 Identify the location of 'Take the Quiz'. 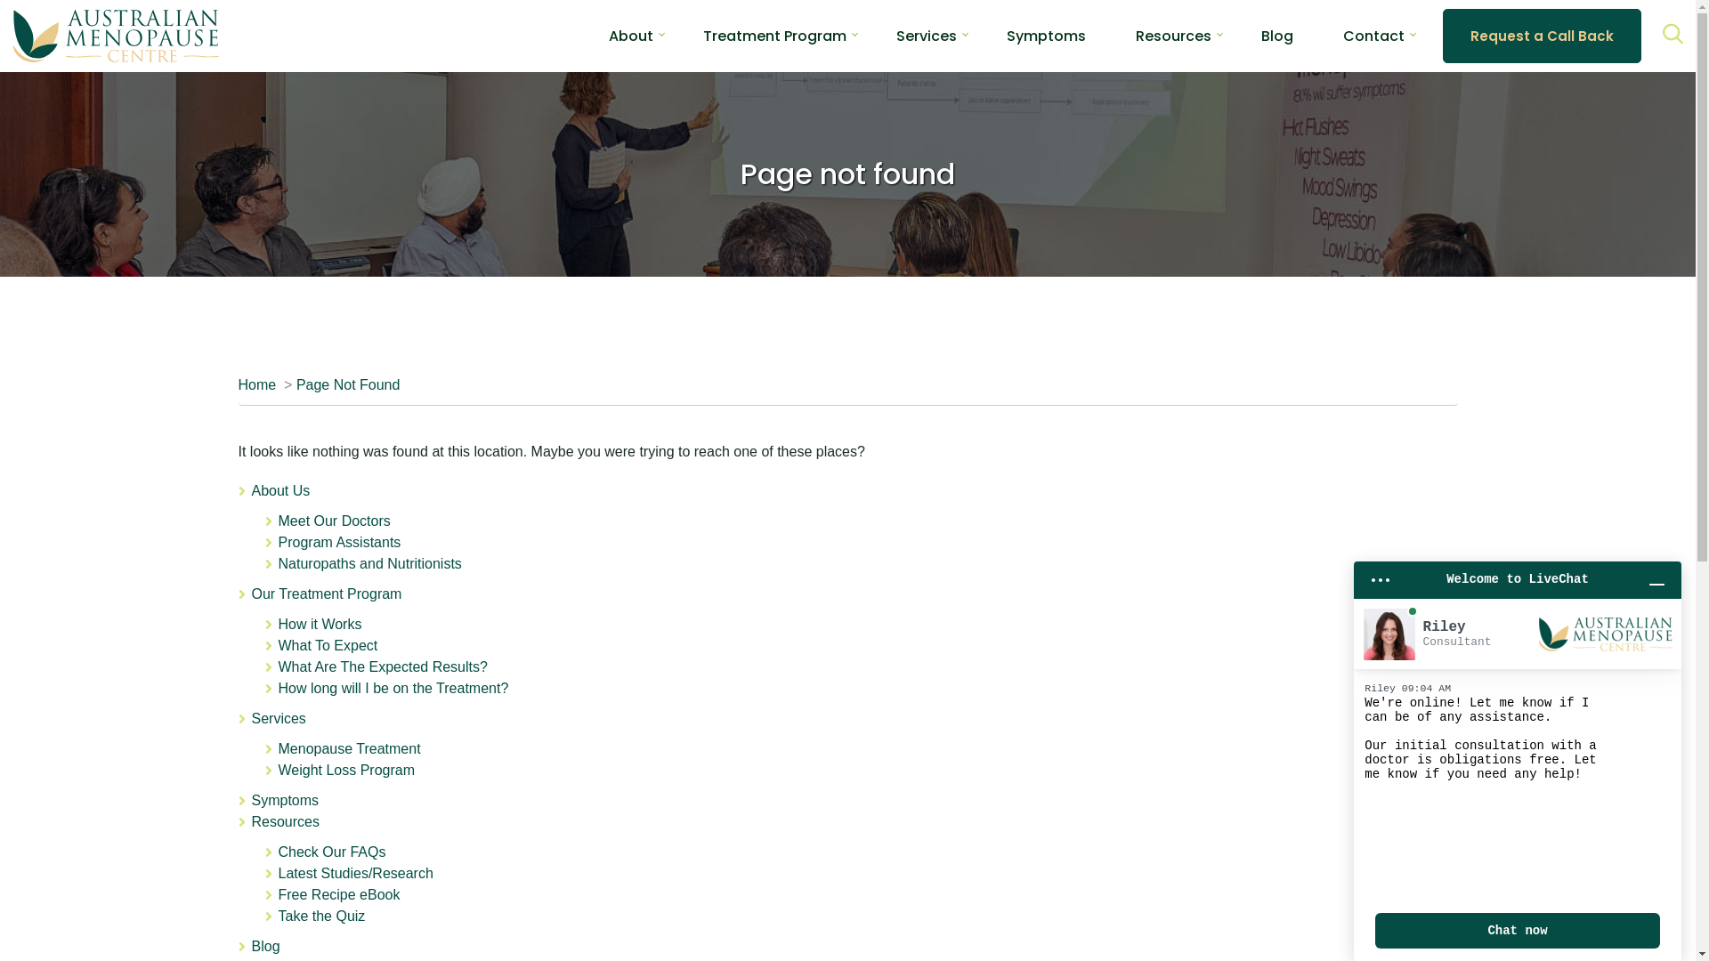
(320, 916).